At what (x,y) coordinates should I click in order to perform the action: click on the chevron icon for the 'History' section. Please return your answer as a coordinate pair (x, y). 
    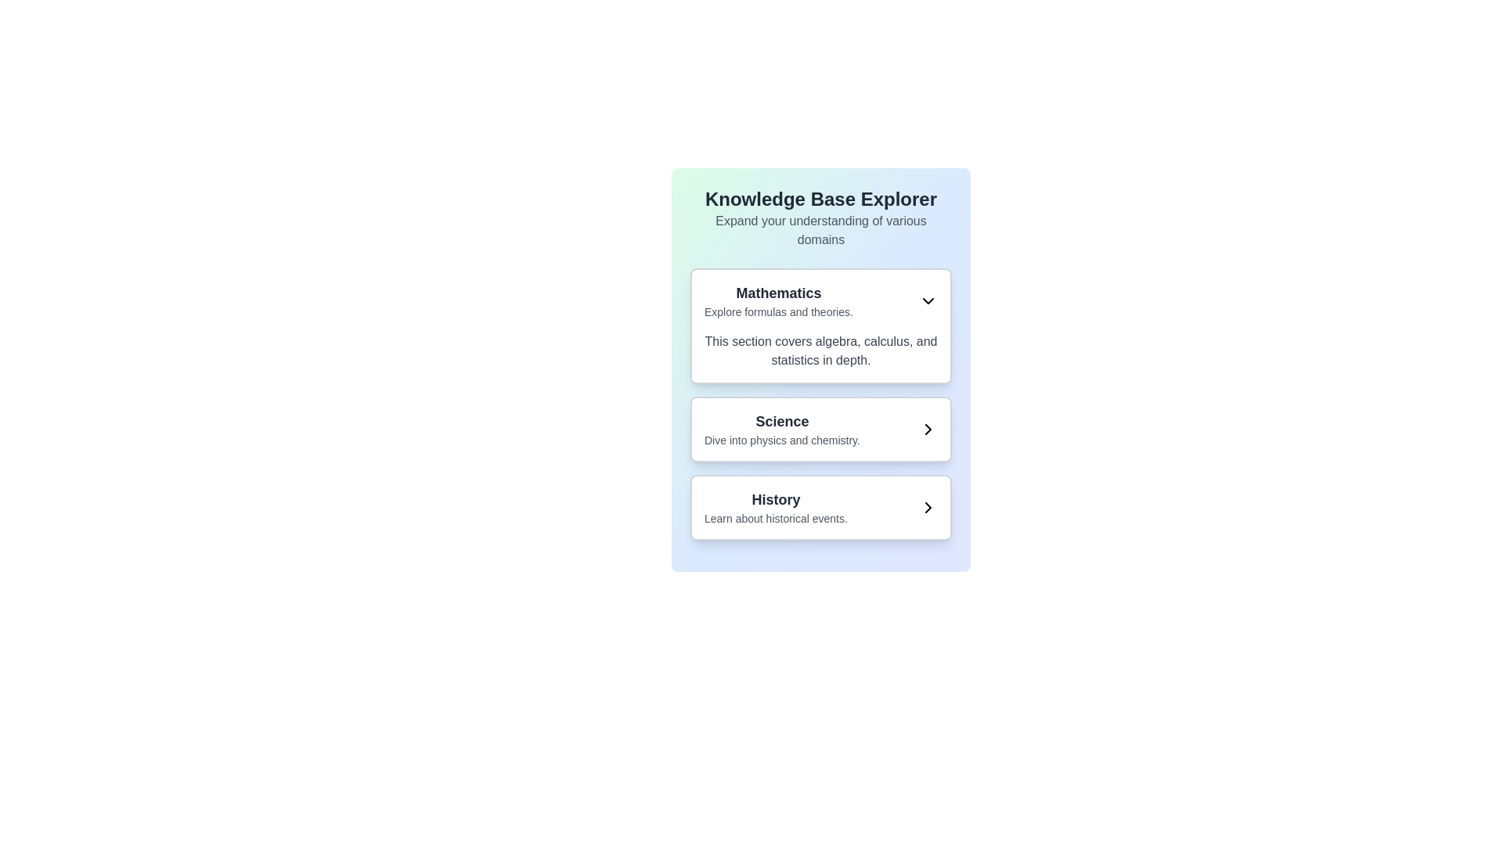
    Looking at the image, I should click on (928, 507).